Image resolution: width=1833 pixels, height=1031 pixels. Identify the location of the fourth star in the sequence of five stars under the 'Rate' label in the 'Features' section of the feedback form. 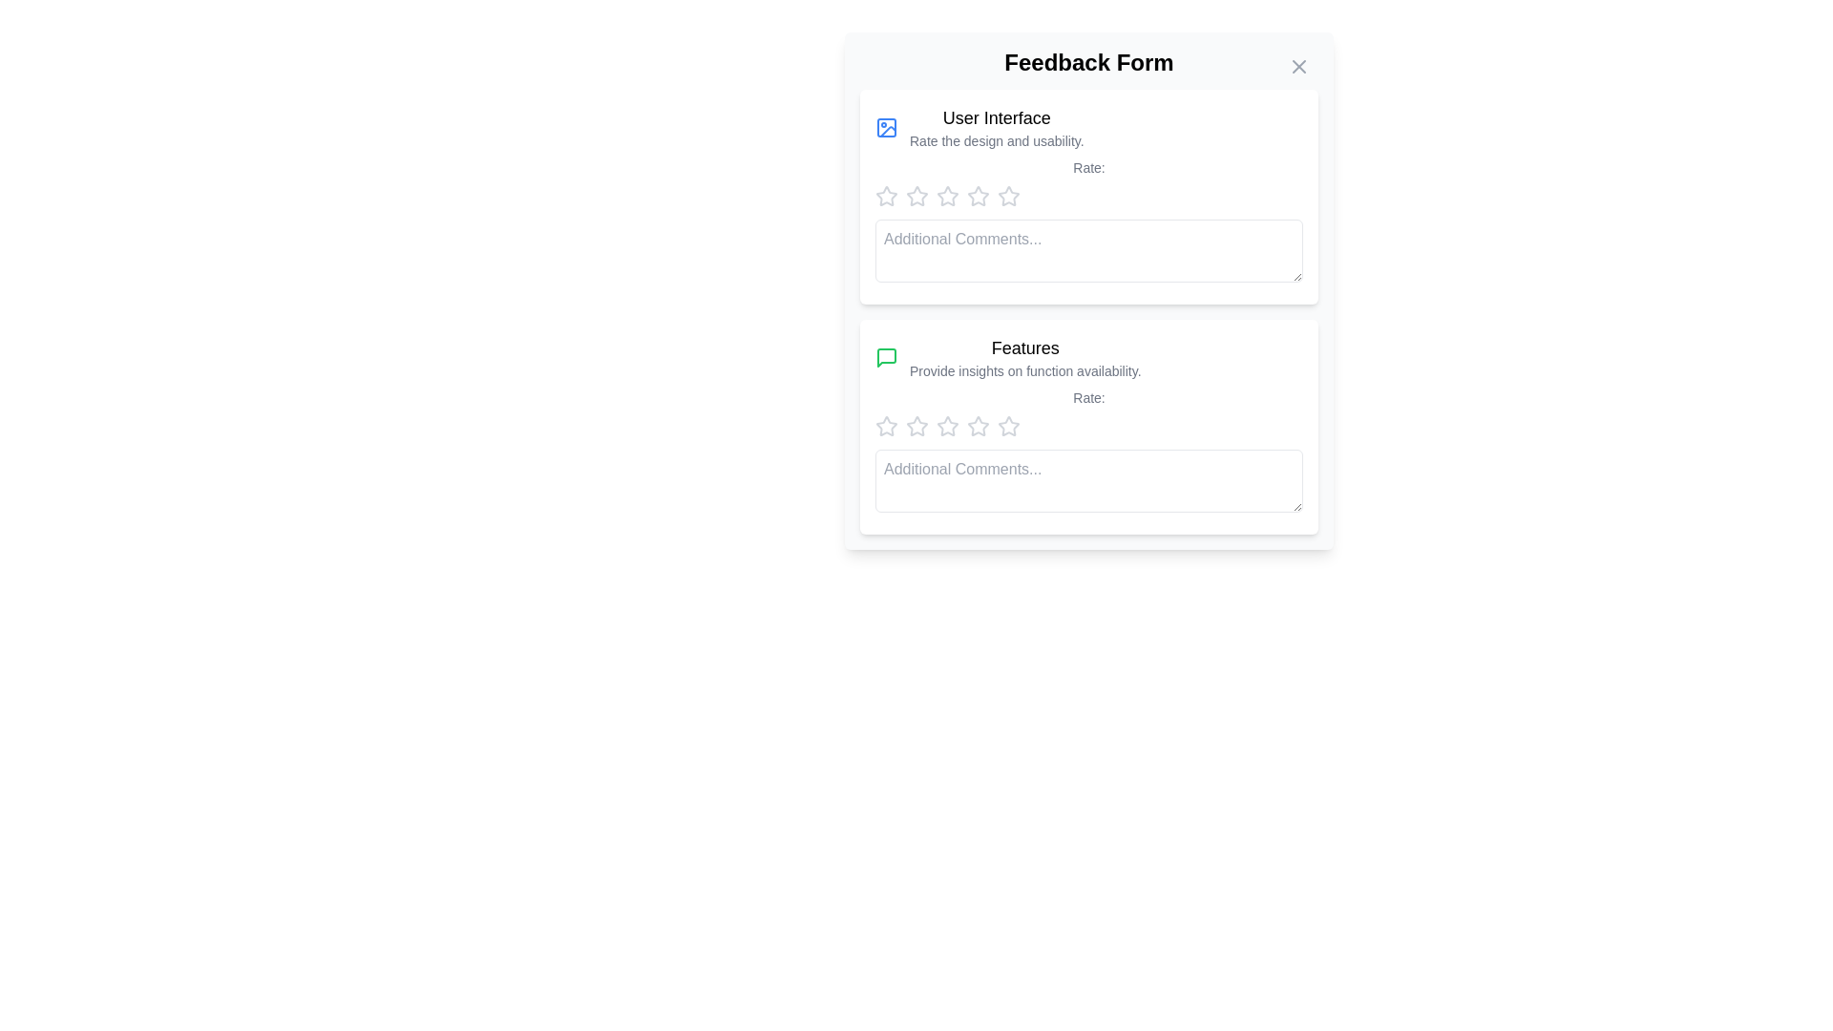
(1007, 425).